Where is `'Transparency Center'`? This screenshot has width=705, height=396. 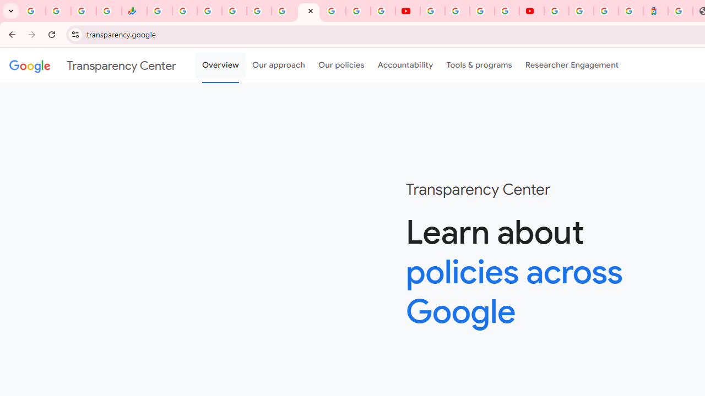 'Transparency Center' is located at coordinates (93, 65).